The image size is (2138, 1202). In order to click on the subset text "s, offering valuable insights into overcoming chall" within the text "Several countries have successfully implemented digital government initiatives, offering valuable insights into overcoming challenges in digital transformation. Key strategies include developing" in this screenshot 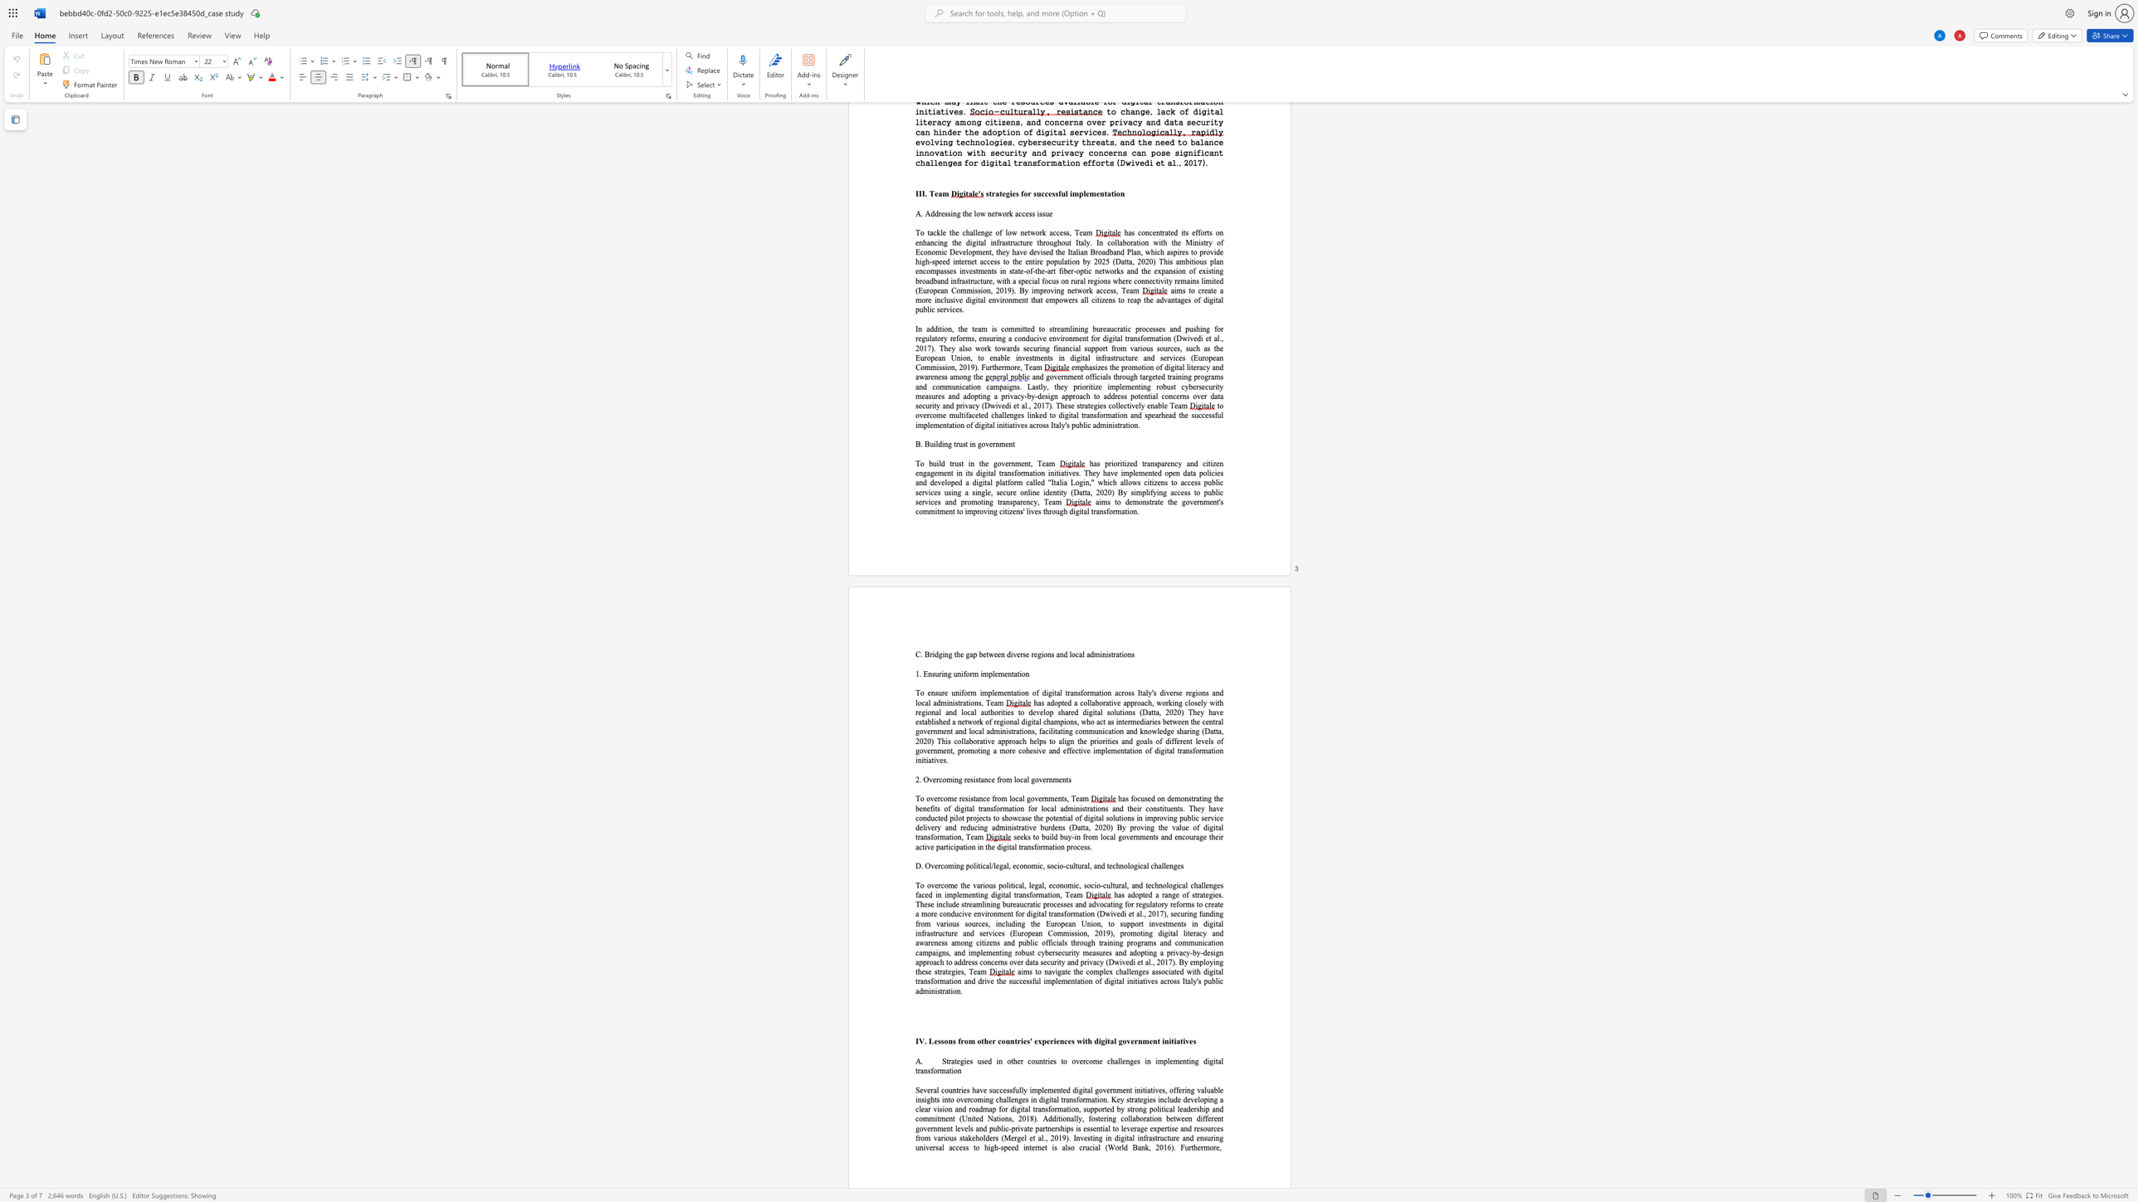, I will do `click(1162, 1089)`.